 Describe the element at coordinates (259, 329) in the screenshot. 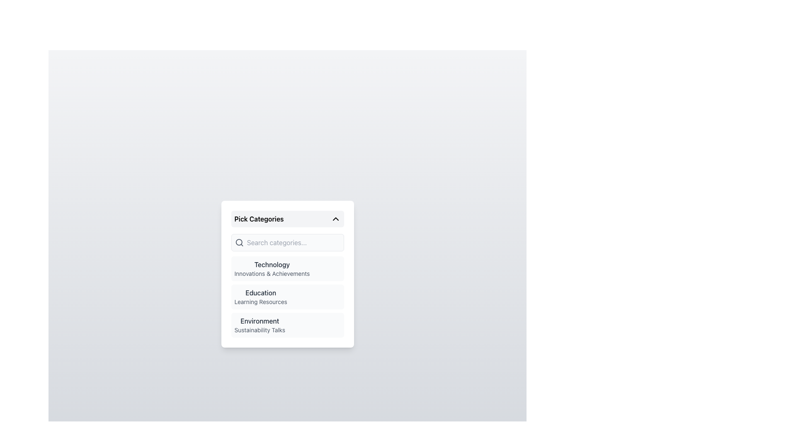

I see `the text label 'Sustainability Talks' which is styled with a smaller gray font and located in the bottom-right quadrant of the 'Environment' category section` at that location.